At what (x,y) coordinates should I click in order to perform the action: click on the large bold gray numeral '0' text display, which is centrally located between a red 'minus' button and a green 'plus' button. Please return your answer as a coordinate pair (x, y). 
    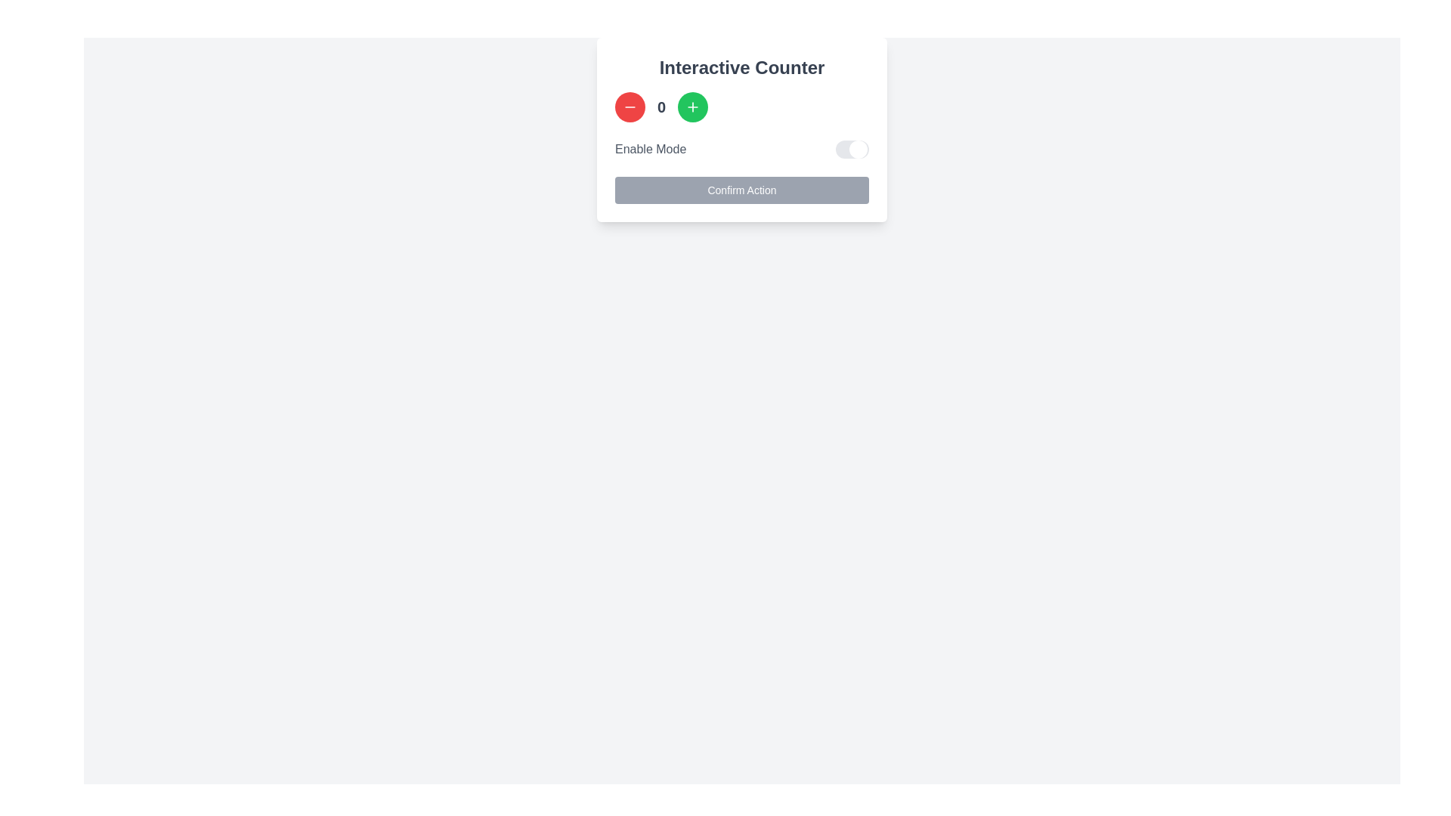
    Looking at the image, I should click on (661, 107).